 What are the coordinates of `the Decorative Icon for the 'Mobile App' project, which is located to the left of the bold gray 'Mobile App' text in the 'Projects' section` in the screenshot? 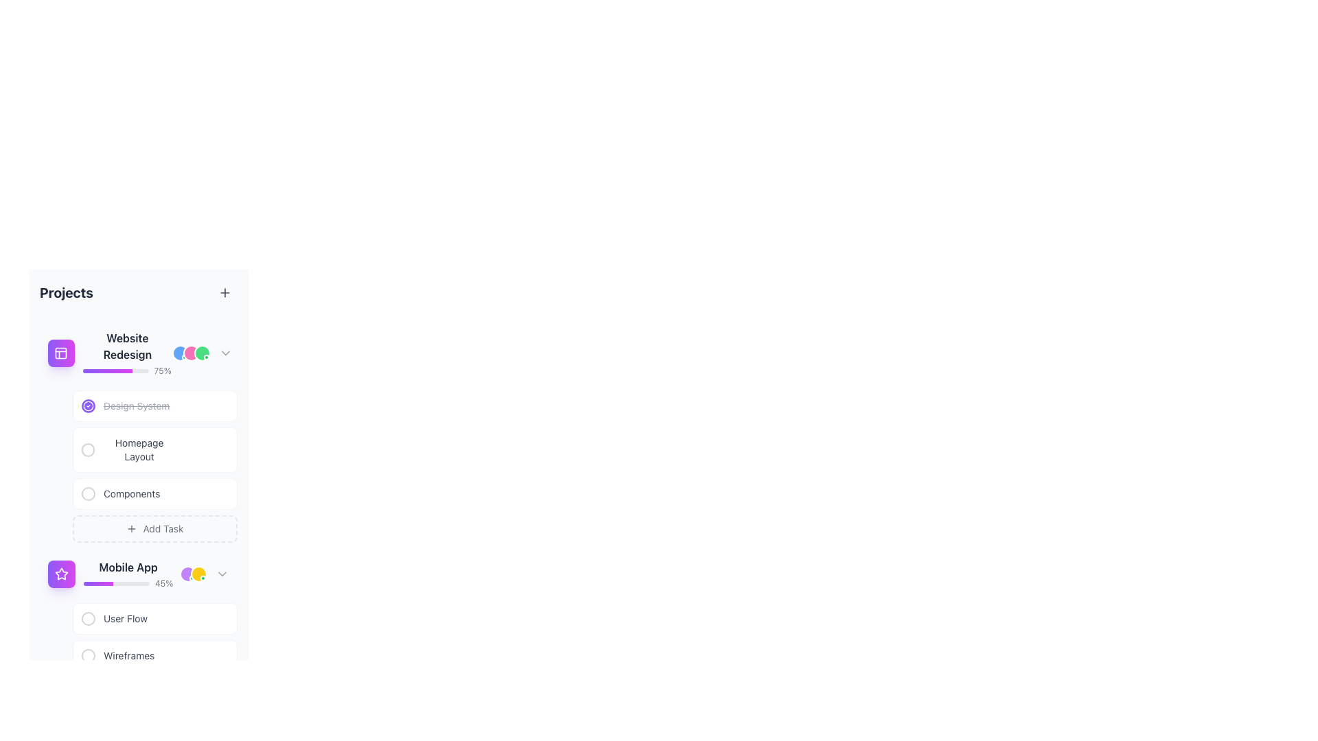 It's located at (61, 574).